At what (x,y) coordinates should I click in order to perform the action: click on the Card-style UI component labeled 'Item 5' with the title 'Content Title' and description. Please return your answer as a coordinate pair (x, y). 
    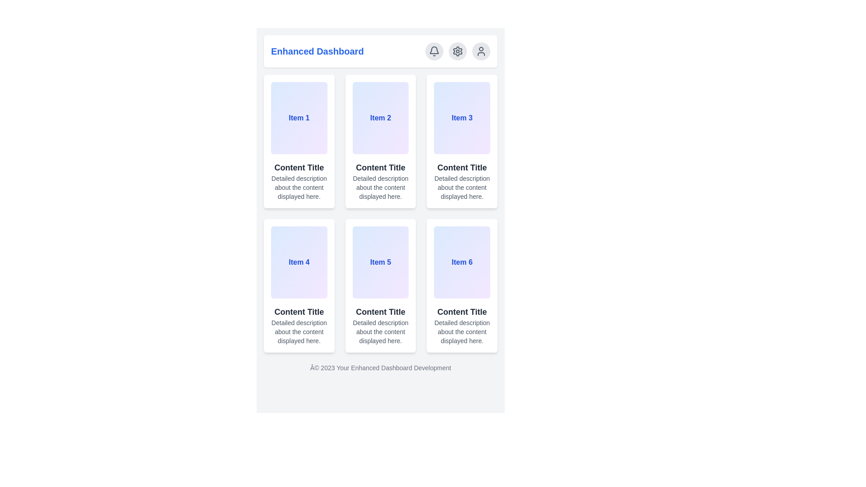
    Looking at the image, I should click on (381, 285).